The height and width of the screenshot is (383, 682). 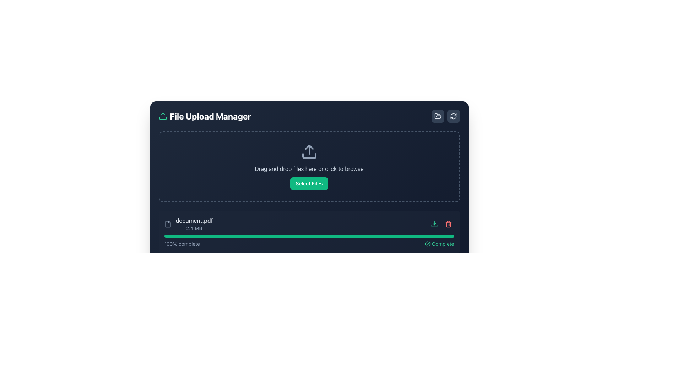 I want to click on the trash icon button, which is a circular button with a red delete icon, located at the bottom-right corner of the file entry row, so click(x=448, y=224).